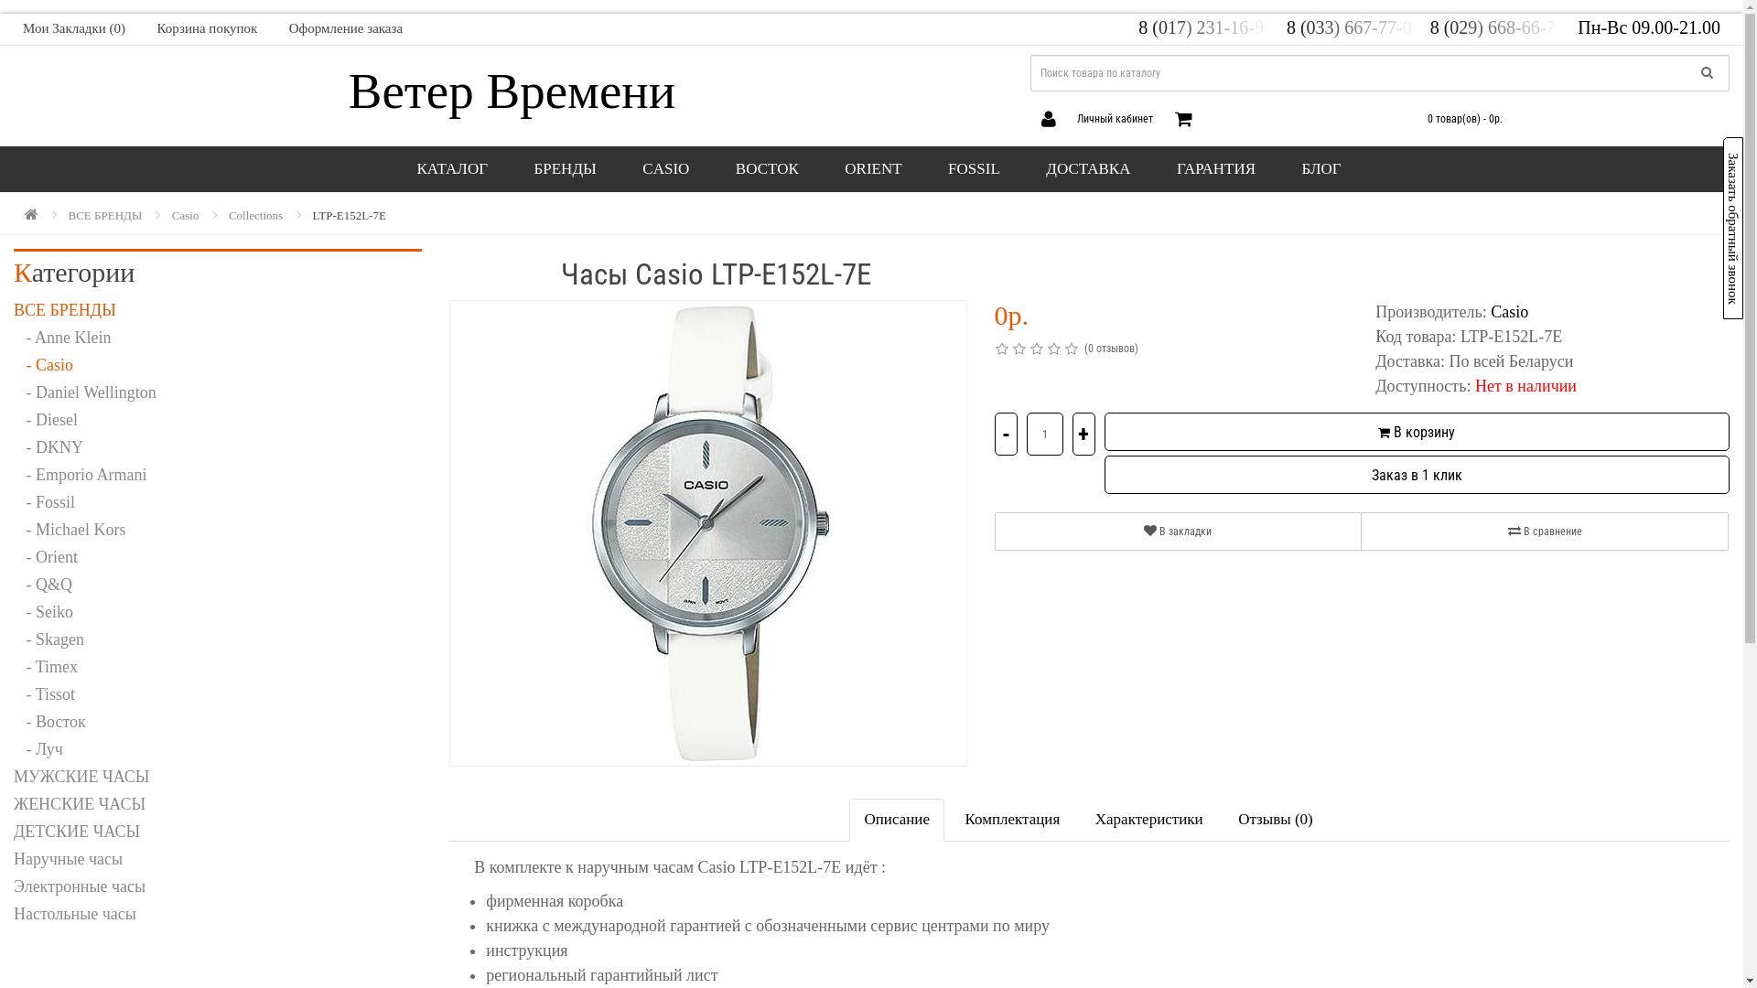  I want to click on '8 (033) 667-77-0 ', so click(1356, 27).